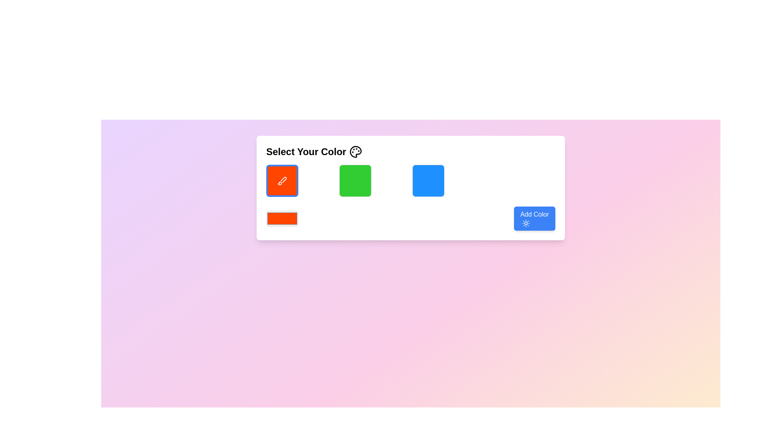  What do you see at coordinates (284, 179) in the screenshot?
I see `the stylized brush or pen stroke icon within the first red button located below the 'Select Your Color' heading` at bounding box center [284, 179].